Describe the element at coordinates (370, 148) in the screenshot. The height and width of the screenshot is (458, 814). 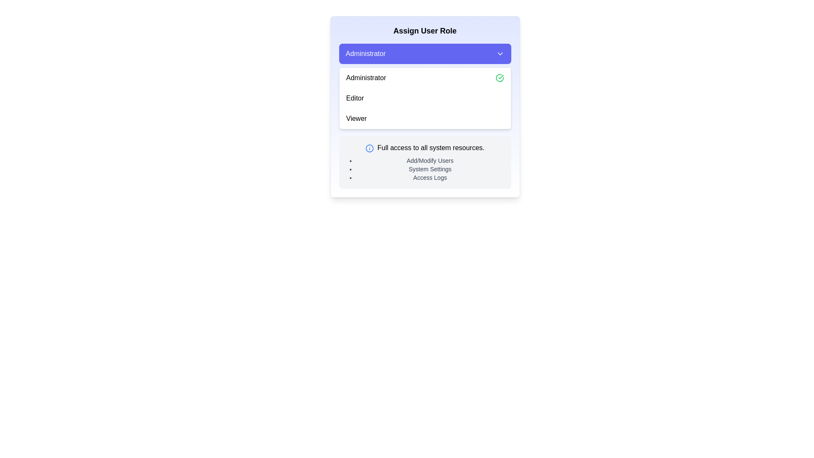
I see `the circular graphic within the informational icon located near the 'Full access to all system resources' description` at that location.